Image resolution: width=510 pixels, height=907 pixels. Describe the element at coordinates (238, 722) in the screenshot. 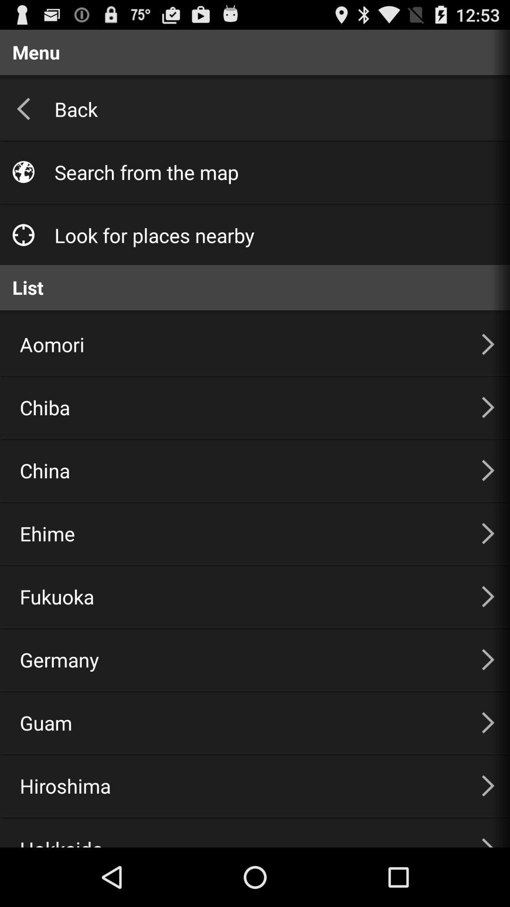

I see `the guam icon` at that location.